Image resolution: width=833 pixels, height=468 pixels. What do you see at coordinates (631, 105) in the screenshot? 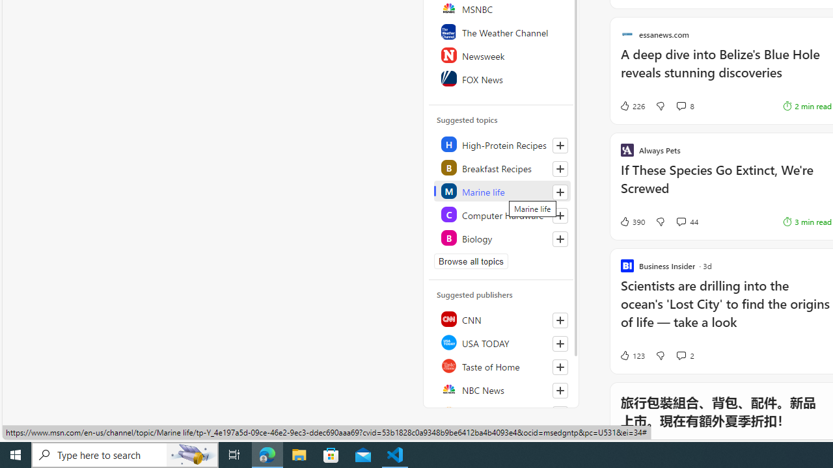
I see `'226 Like'` at bounding box center [631, 105].